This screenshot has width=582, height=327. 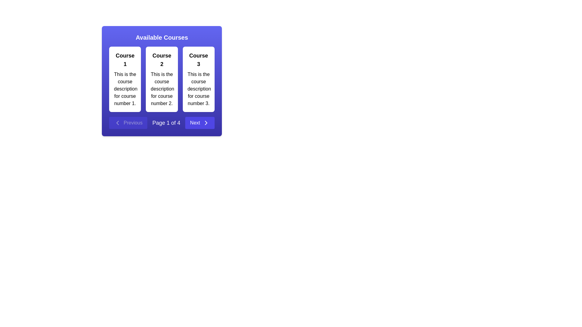 I want to click on text label 'Course 3' which is styled prominently at the top of a white card in the third slot of a carousel layout, so click(x=199, y=60).